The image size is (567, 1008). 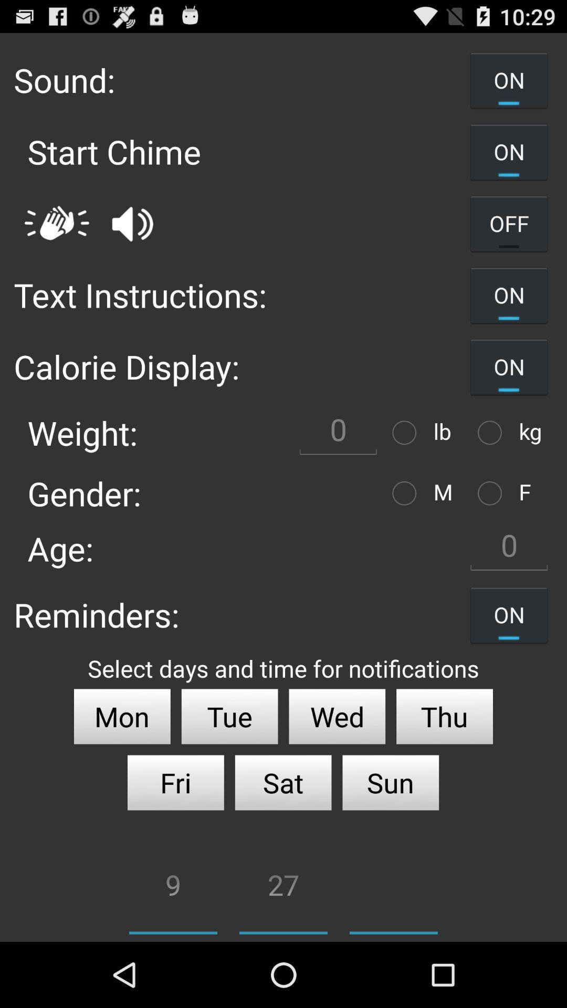 What do you see at coordinates (508, 548) in the screenshot?
I see `age` at bounding box center [508, 548].